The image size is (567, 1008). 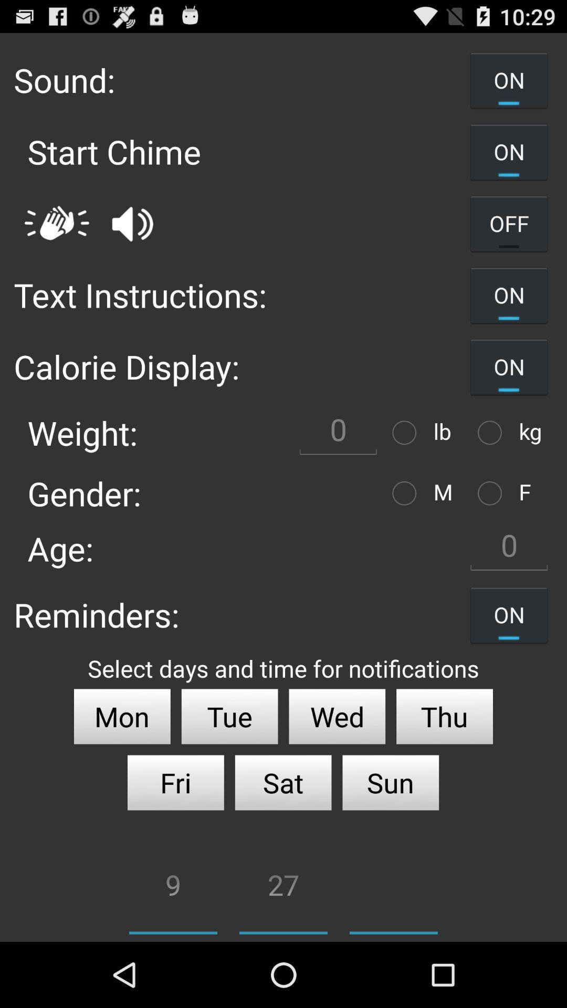 What do you see at coordinates (508, 548) in the screenshot?
I see `age` at bounding box center [508, 548].